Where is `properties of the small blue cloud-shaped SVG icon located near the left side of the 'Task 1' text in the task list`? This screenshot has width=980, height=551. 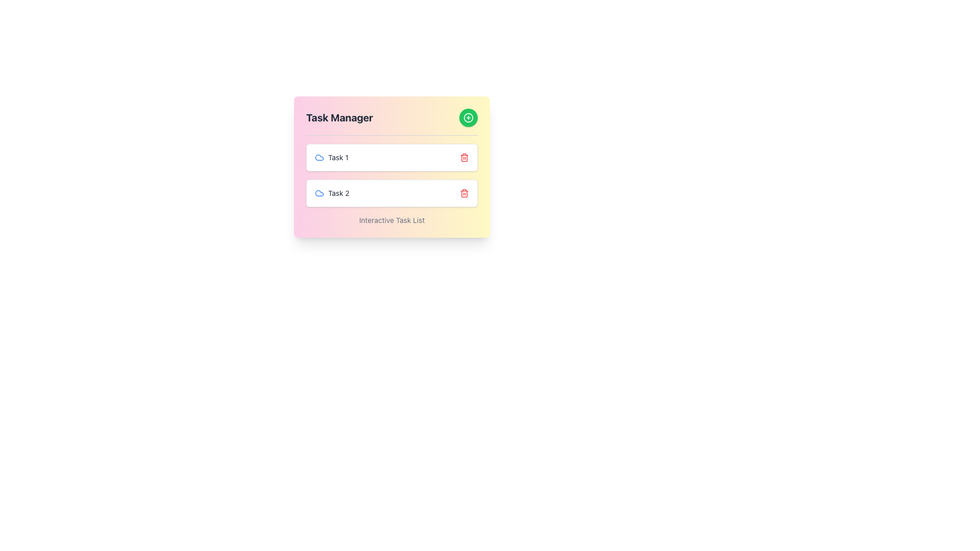 properties of the small blue cloud-shaped SVG icon located near the left side of the 'Task 1' text in the task list is located at coordinates (318, 157).